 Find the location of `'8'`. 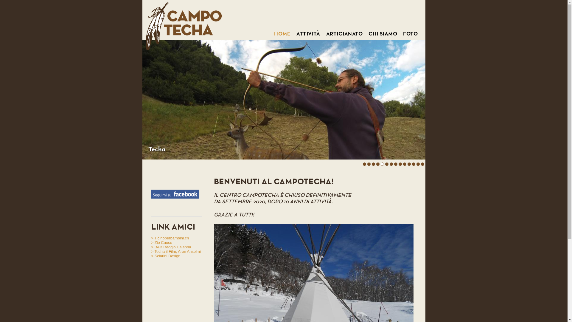

'8' is located at coordinates (396, 165).